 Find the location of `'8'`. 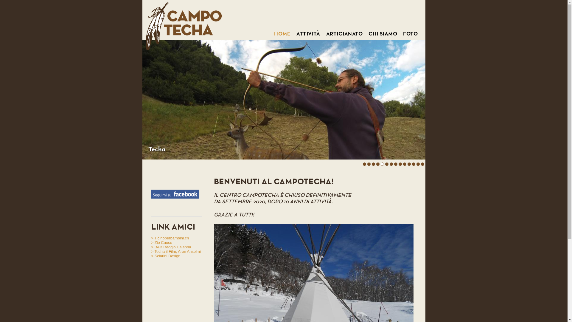

'8' is located at coordinates (396, 165).